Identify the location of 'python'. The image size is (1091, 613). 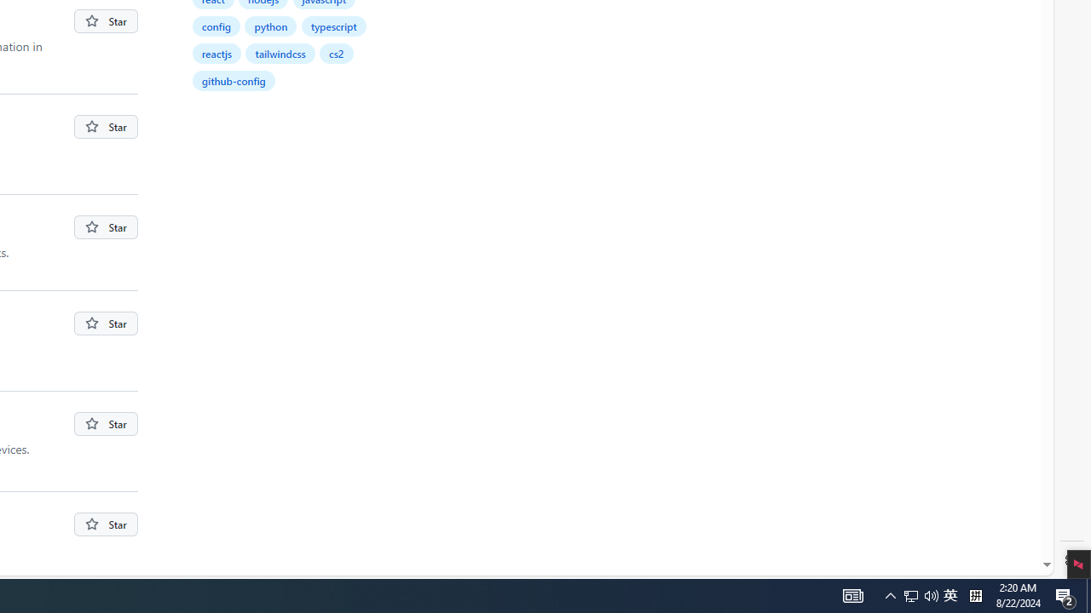
(270, 26).